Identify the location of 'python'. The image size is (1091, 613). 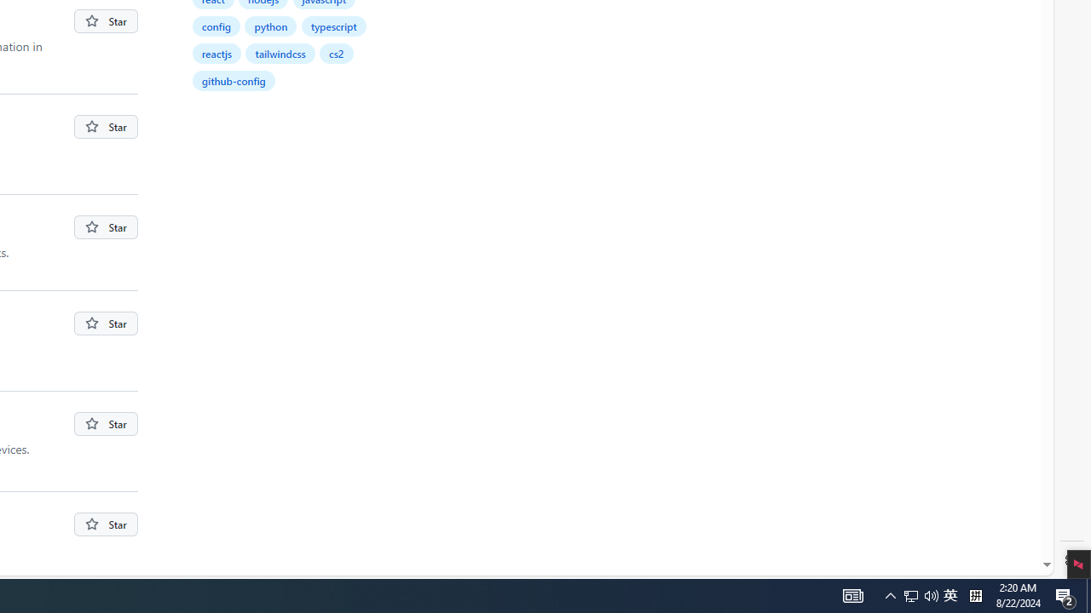
(270, 26).